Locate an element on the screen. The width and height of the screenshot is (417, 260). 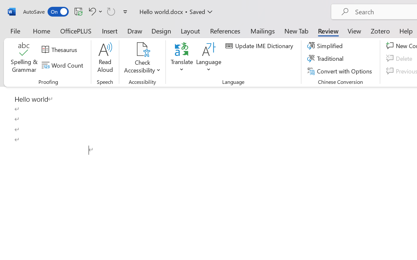
'Traditional' is located at coordinates (326, 58).